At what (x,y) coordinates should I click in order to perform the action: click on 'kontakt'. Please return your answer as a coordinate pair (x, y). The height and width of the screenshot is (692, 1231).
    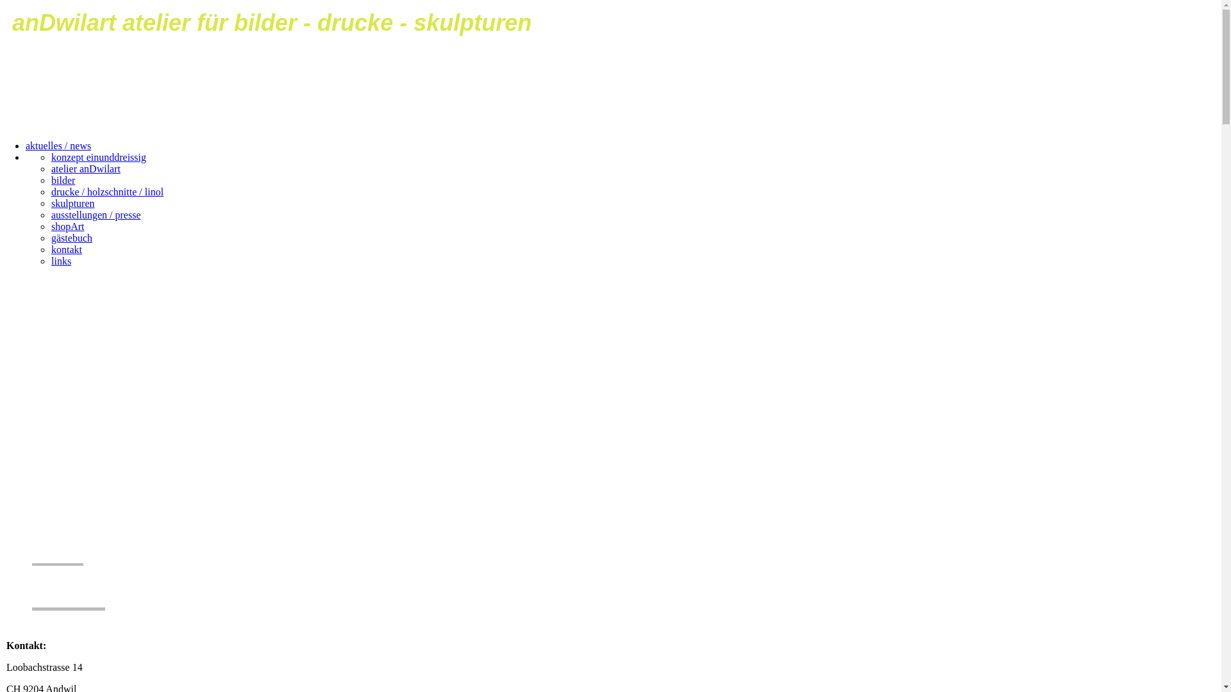
    Looking at the image, I should click on (66, 249).